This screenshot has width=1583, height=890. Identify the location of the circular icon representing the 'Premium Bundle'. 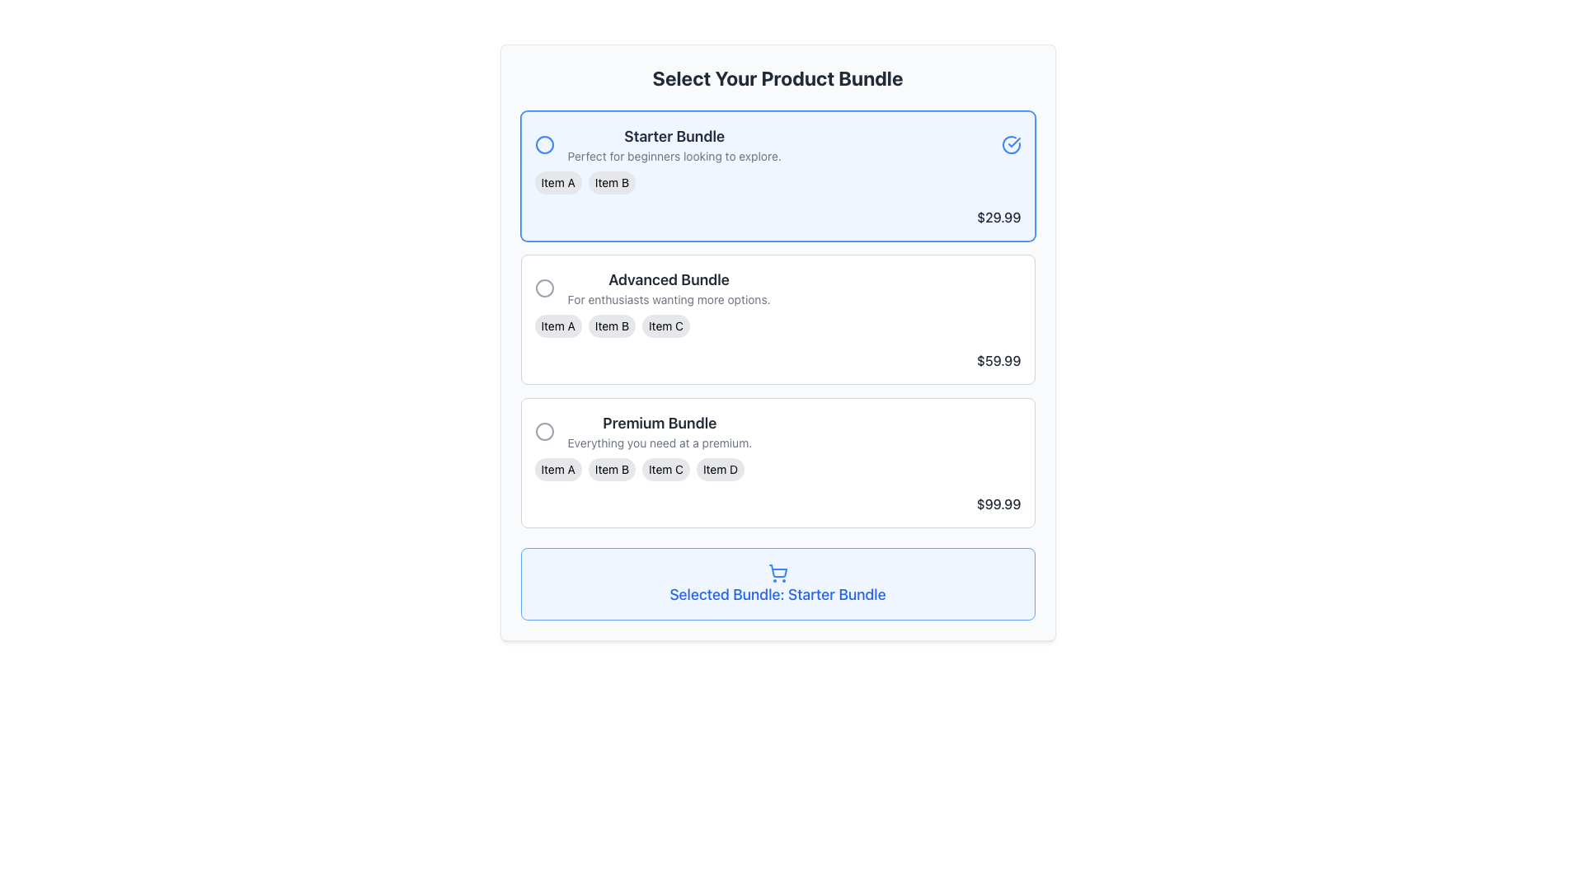
(544, 431).